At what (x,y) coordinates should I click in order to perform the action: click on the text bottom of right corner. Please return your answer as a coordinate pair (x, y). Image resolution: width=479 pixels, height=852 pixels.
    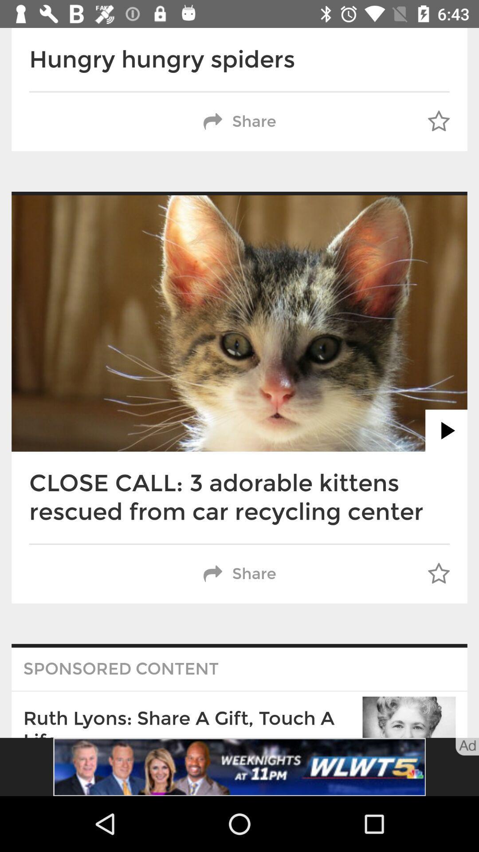
    Looking at the image, I should click on (467, 746).